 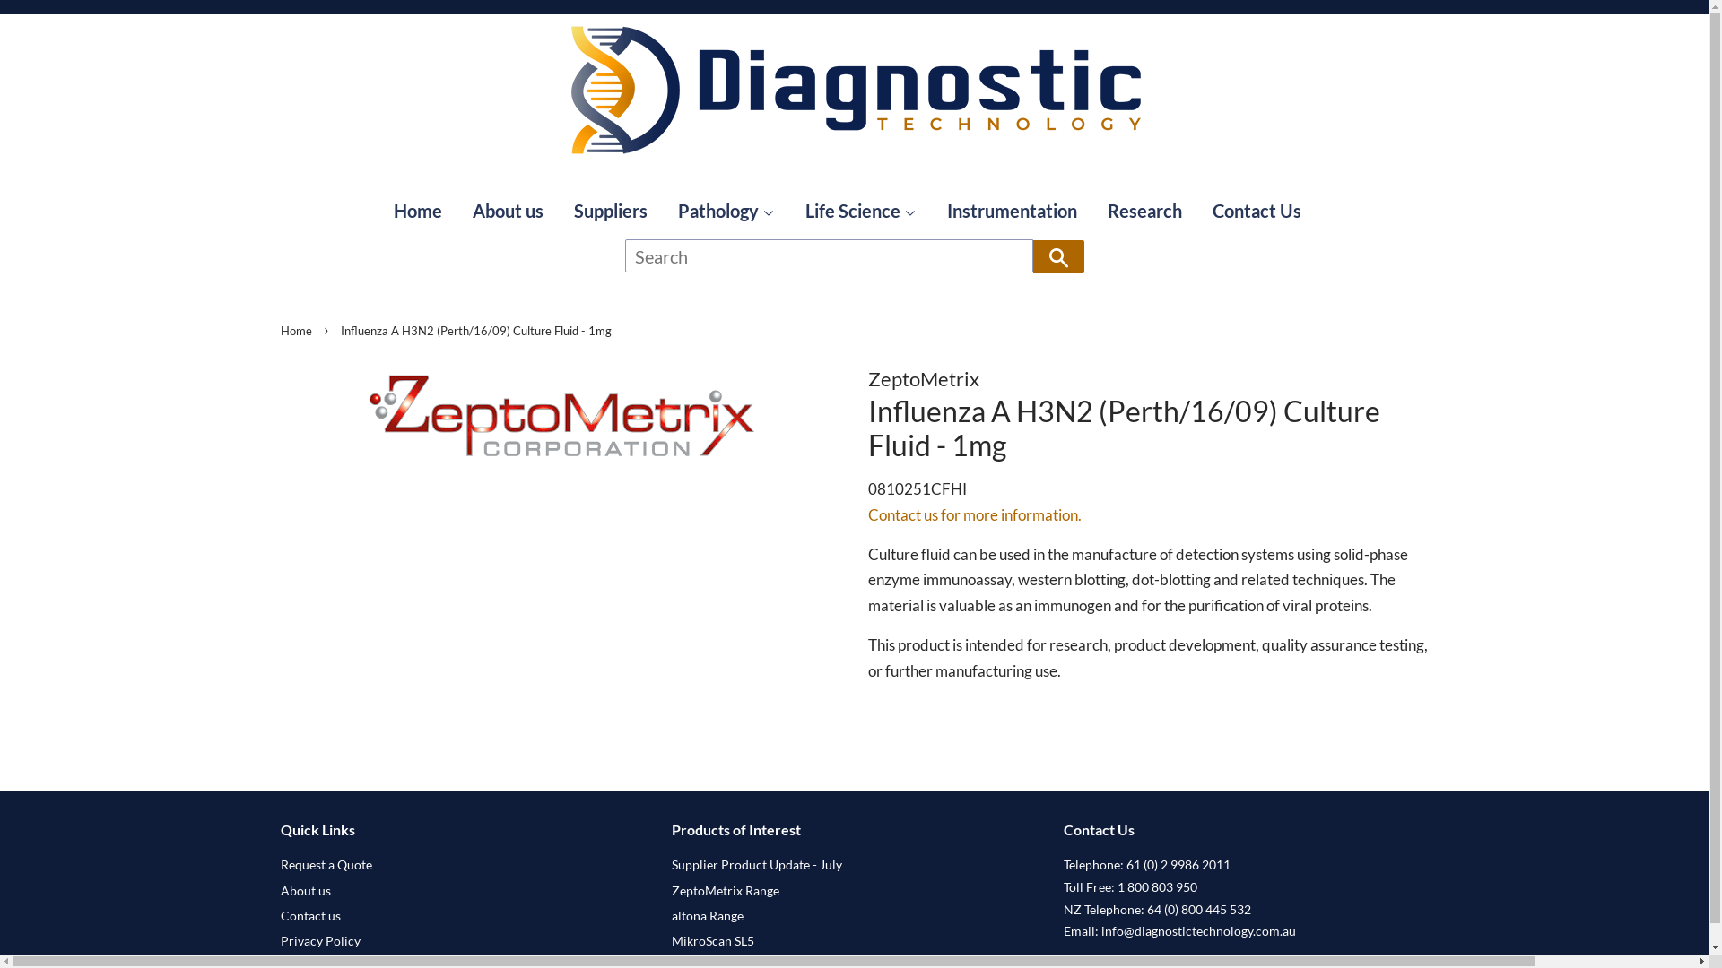 I want to click on 'Search', so click(x=1033, y=256).